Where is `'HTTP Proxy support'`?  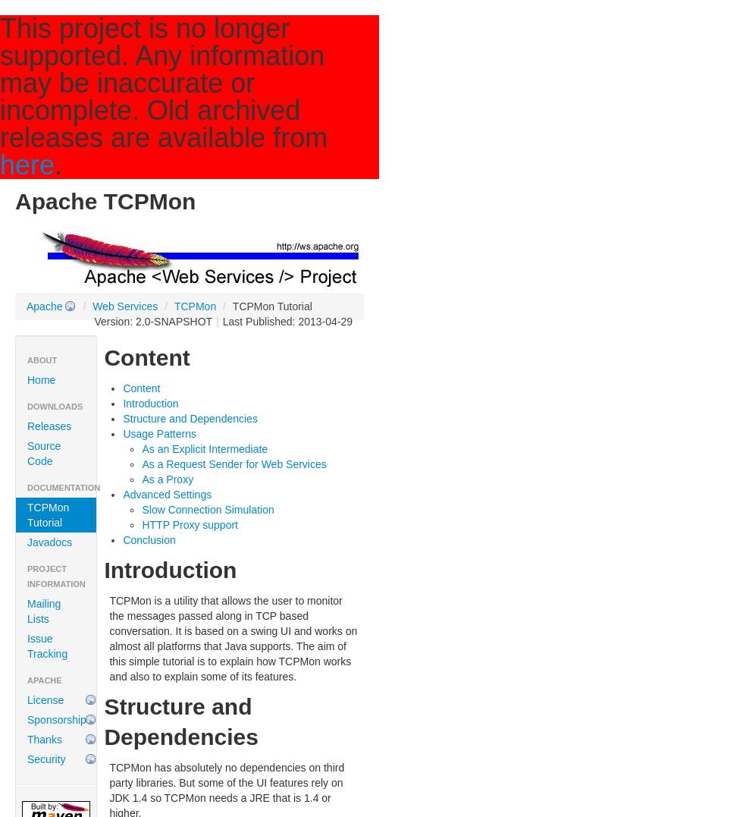
'HTTP Proxy support' is located at coordinates (141, 523).